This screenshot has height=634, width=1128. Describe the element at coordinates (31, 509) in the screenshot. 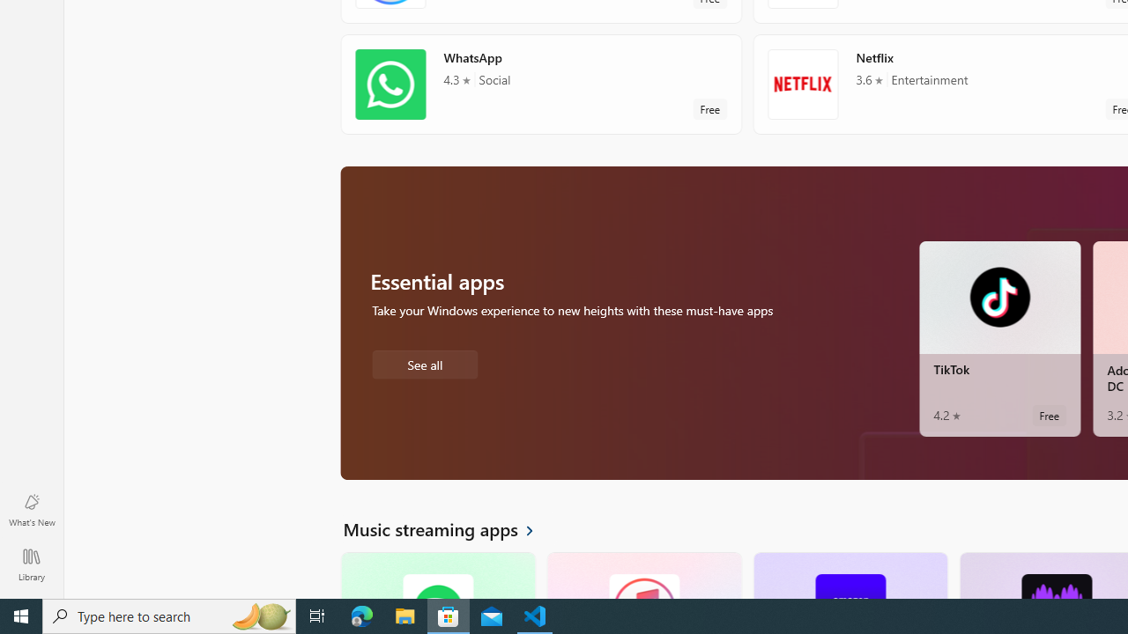

I see `'What'` at that location.